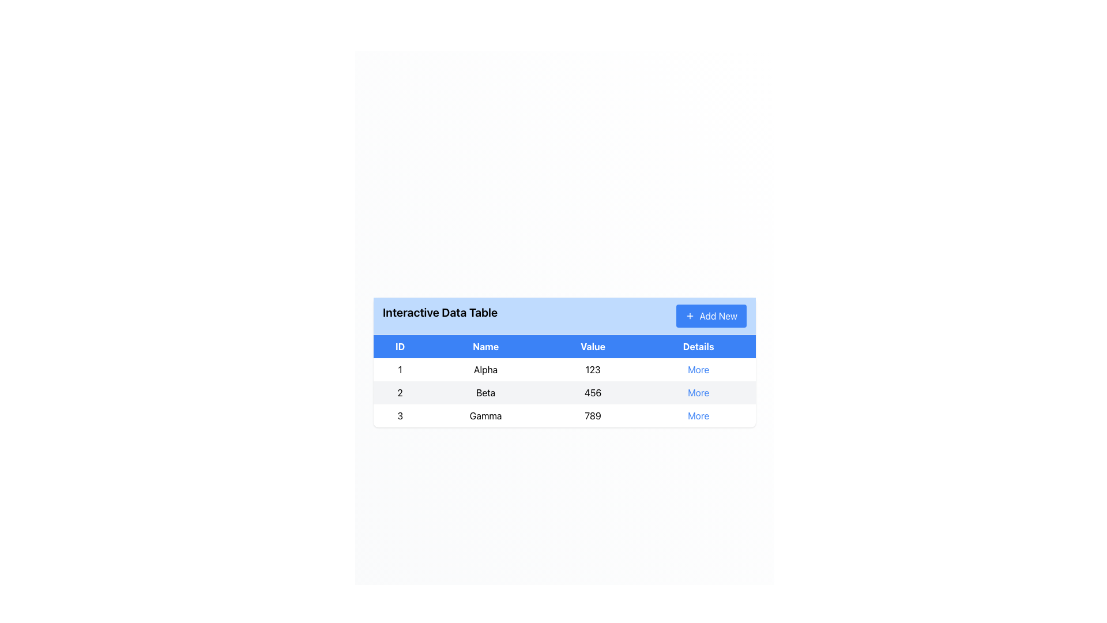 The image size is (1107, 623). What do you see at coordinates (698, 415) in the screenshot?
I see `the interactive link located in the 'Details' column of the third row in the table` at bounding box center [698, 415].